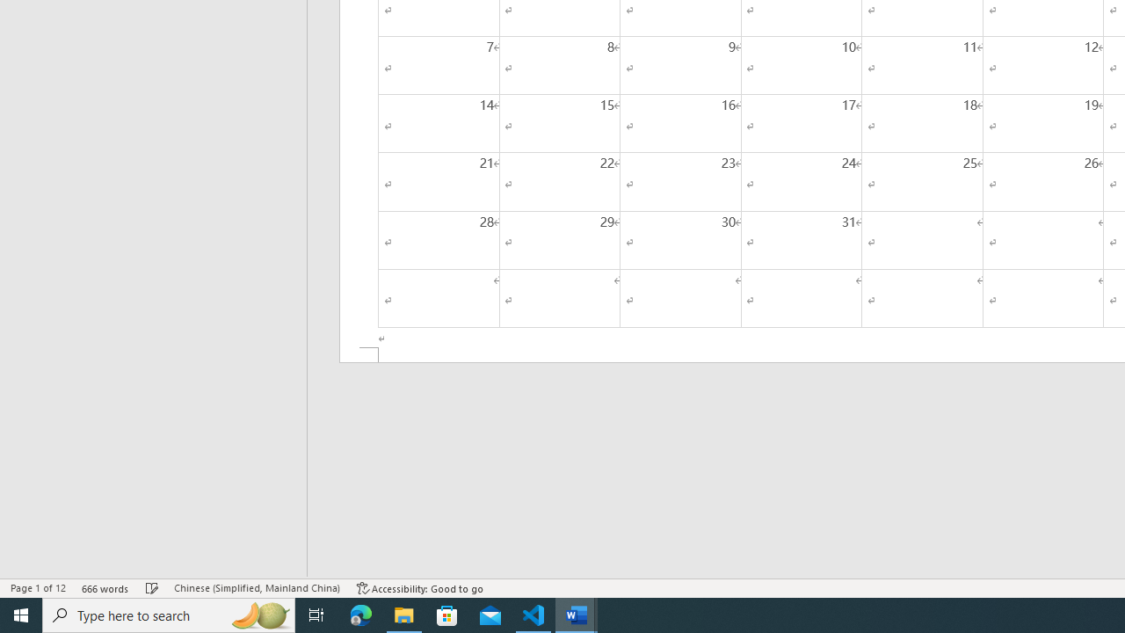  I want to click on 'File Explorer - 1 running window', so click(403, 614).